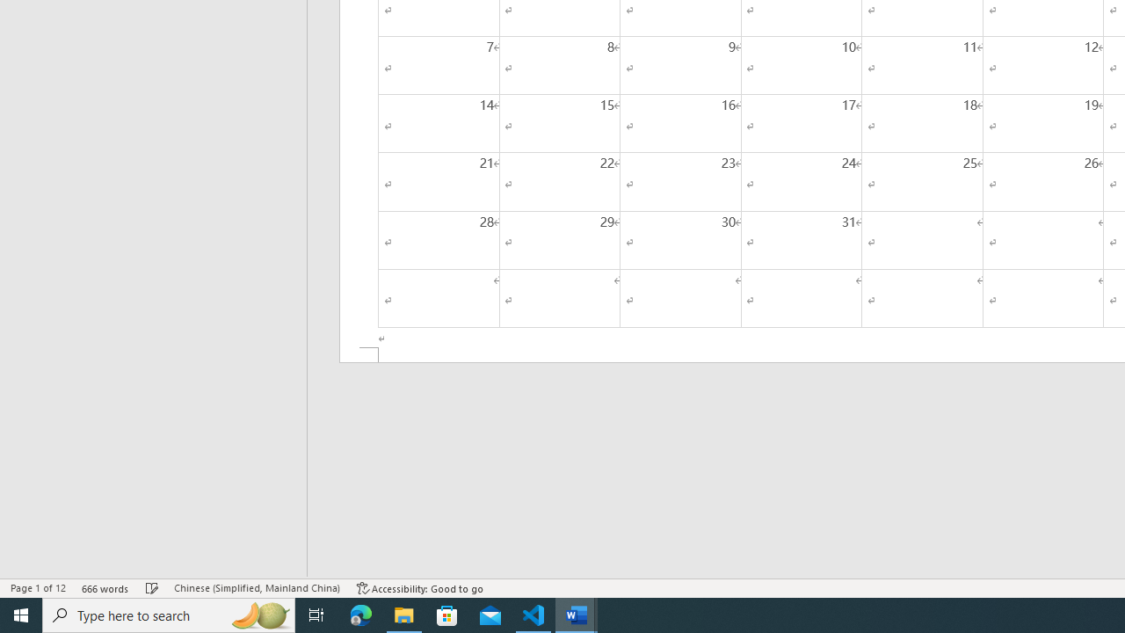  I want to click on 'File Explorer - 1 running window', so click(403, 614).